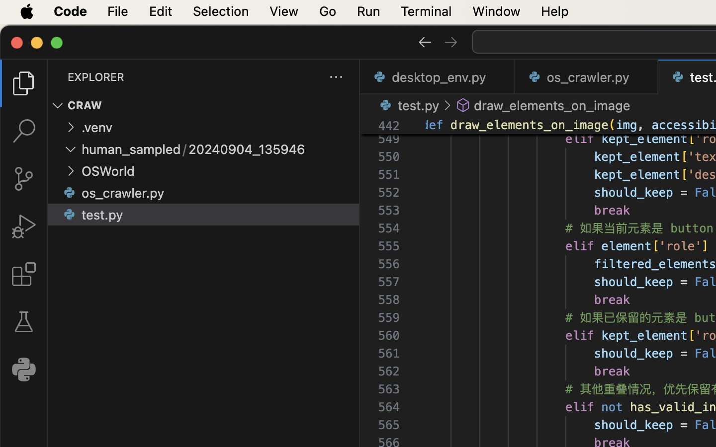 The height and width of the screenshot is (447, 716). What do you see at coordinates (434, 125) in the screenshot?
I see `'def'` at bounding box center [434, 125].